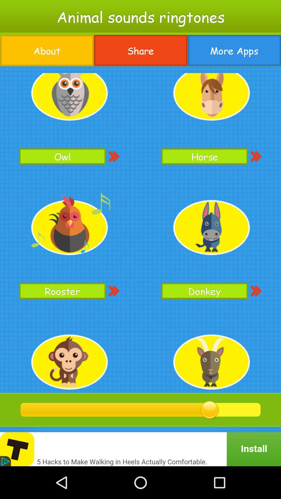 The width and height of the screenshot is (281, 499). Describe the element at coordinates (47, 50) in the screenshot. I see `the about item` at that location.